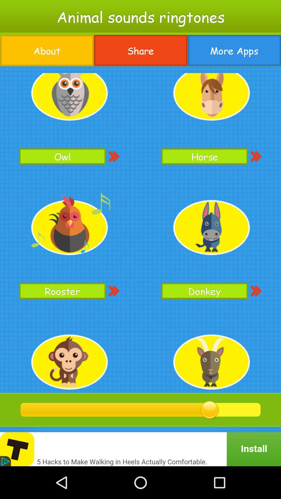 The width and height of the screenshot is (281, 499). Describe the element at coordinates (47, 50) in the screenshot. I see `the about item` at that location.